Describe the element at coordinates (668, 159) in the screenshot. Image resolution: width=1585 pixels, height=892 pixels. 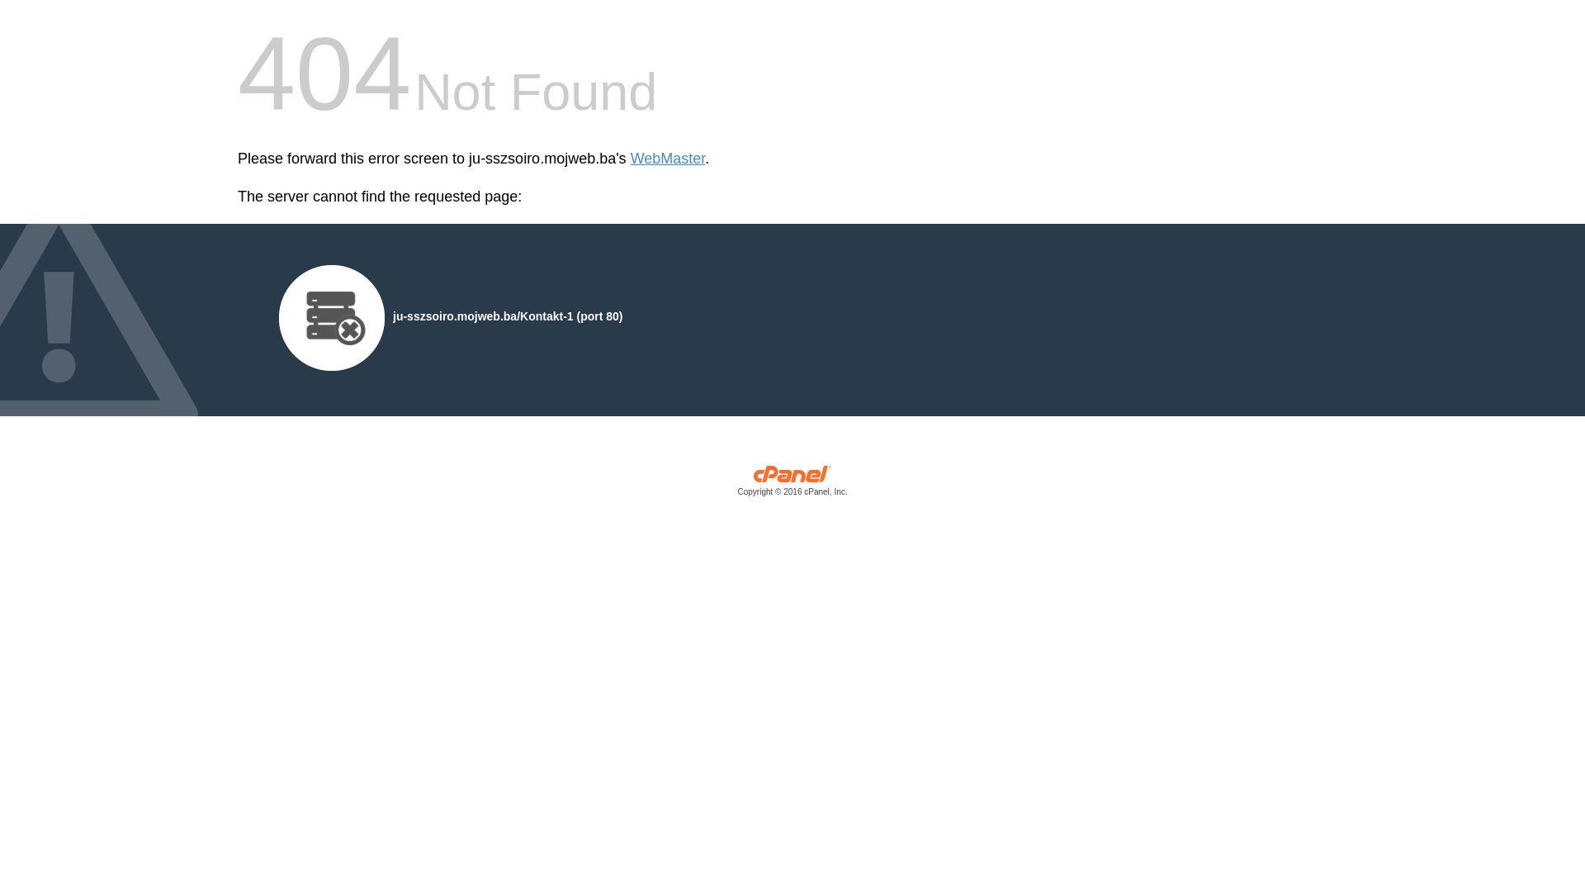
I see `'WebMaster'` at that location.